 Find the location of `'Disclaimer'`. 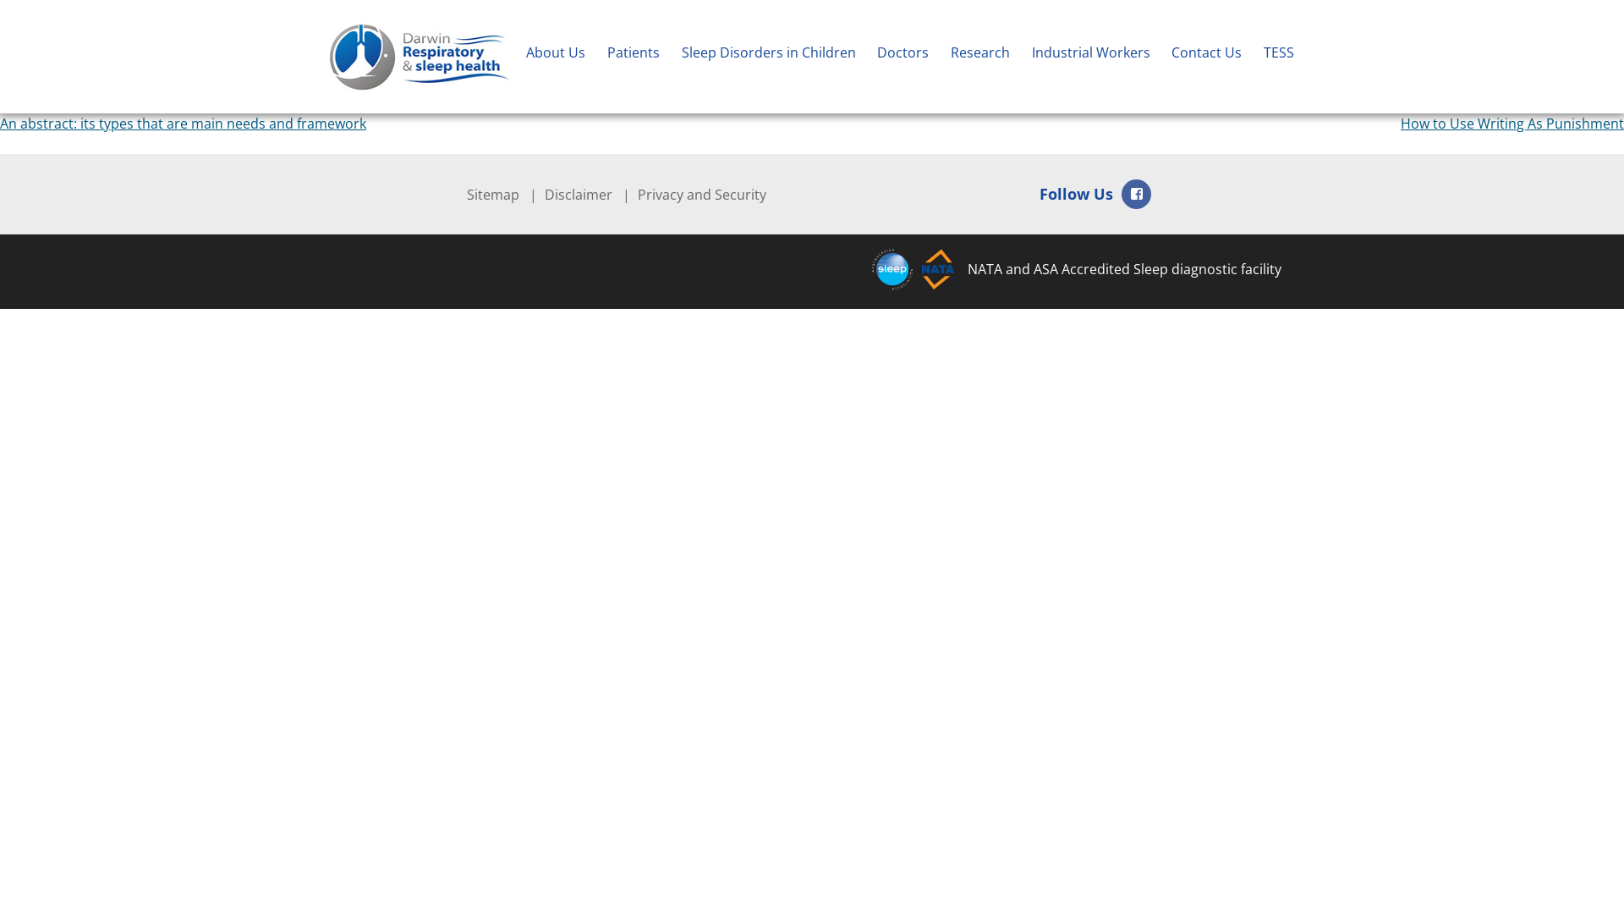

'Disclaimer' is located at coordinates (578, 192).